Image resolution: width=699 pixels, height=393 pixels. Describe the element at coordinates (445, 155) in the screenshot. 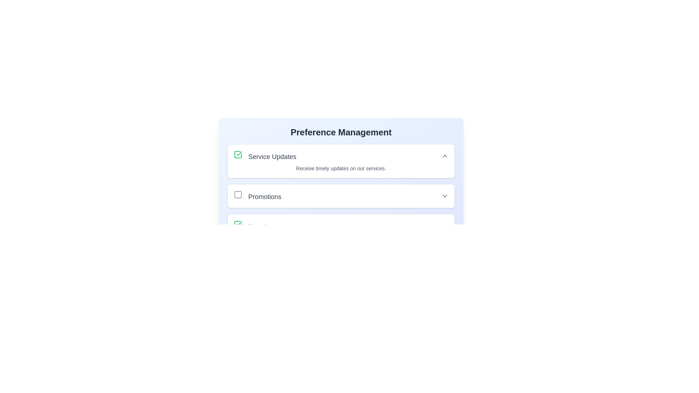

I see `the Chevron-up icon located at the far right of the 'Service Updates' section` at that location.